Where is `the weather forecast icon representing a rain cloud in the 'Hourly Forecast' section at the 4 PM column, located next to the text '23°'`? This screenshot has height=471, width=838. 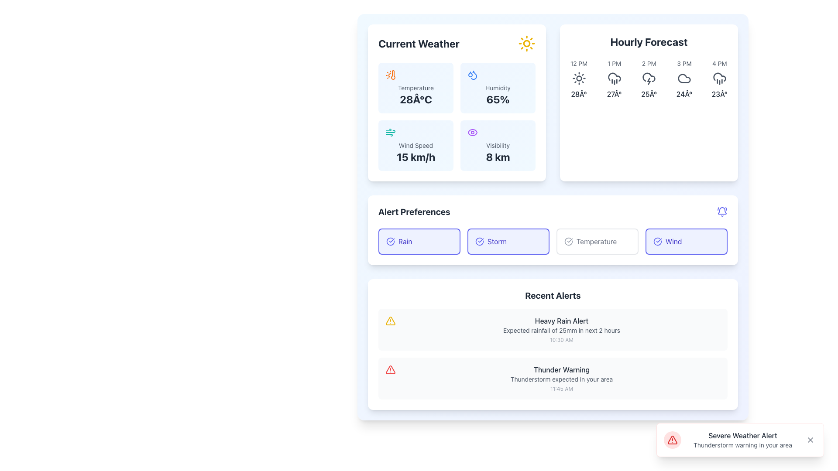 the weather forecast icon representing a rain cloud in the 'Hourly Forecast' section at the 4 PM column, located next to the text '23°' is located at coordinates (719, 76).